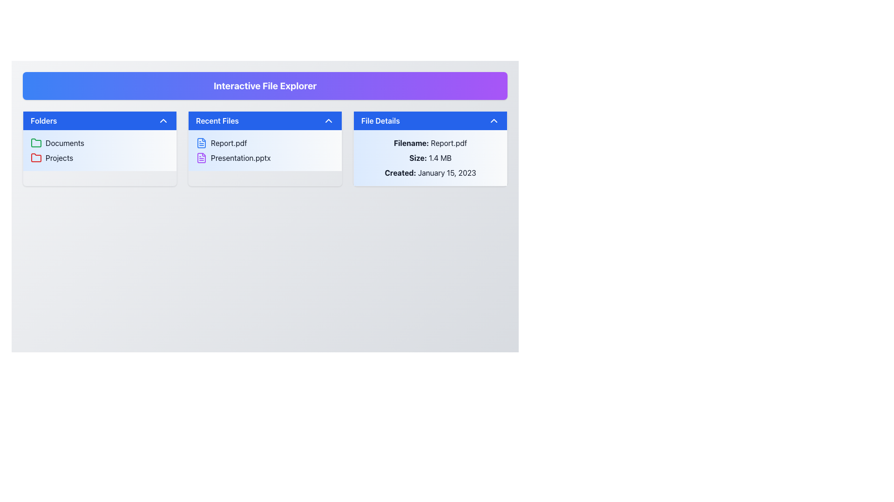 Image resolution: width=894 pixels, height=502 pixels. What do you see at coordinates (36, 157) in the screenshot?
I see `the 'Projects' folder icon, which is the first icon in the 'Projects' row under the 'Folders' section` at bounding box center [36, 157].